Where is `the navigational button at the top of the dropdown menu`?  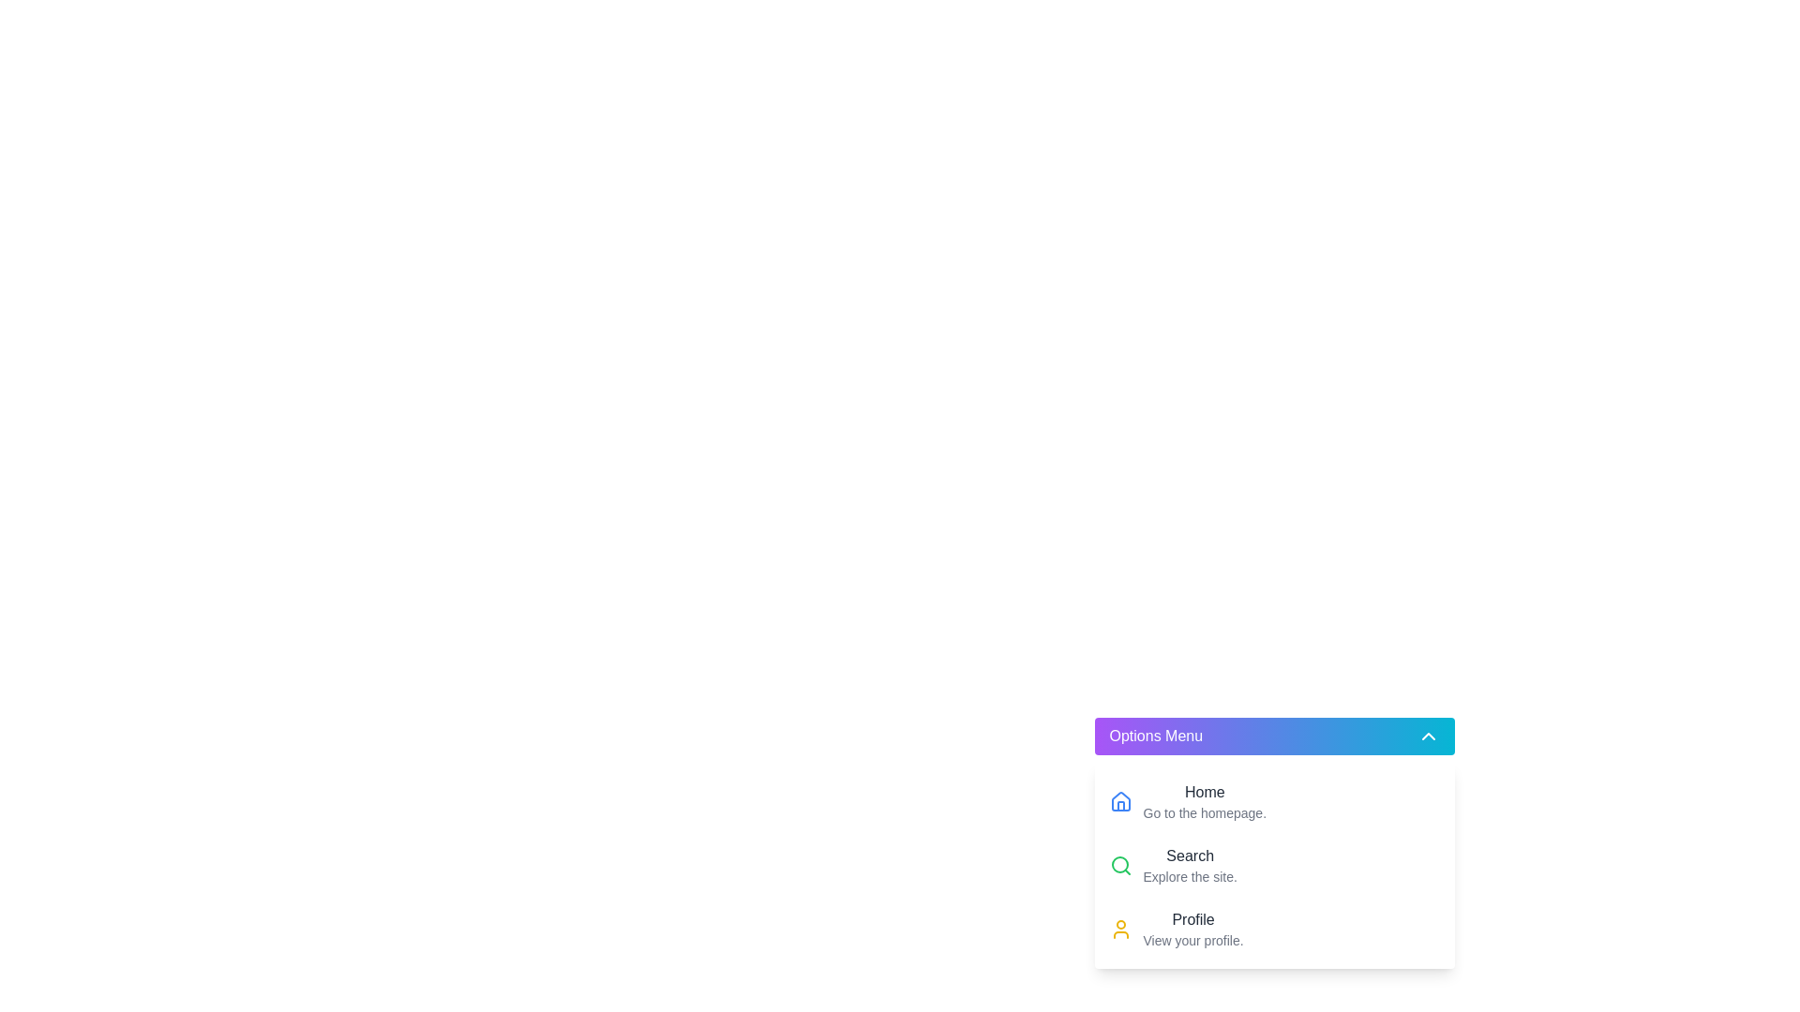
the navigational button at the top of the dropdown menu is located at coordinates (1274, 801).